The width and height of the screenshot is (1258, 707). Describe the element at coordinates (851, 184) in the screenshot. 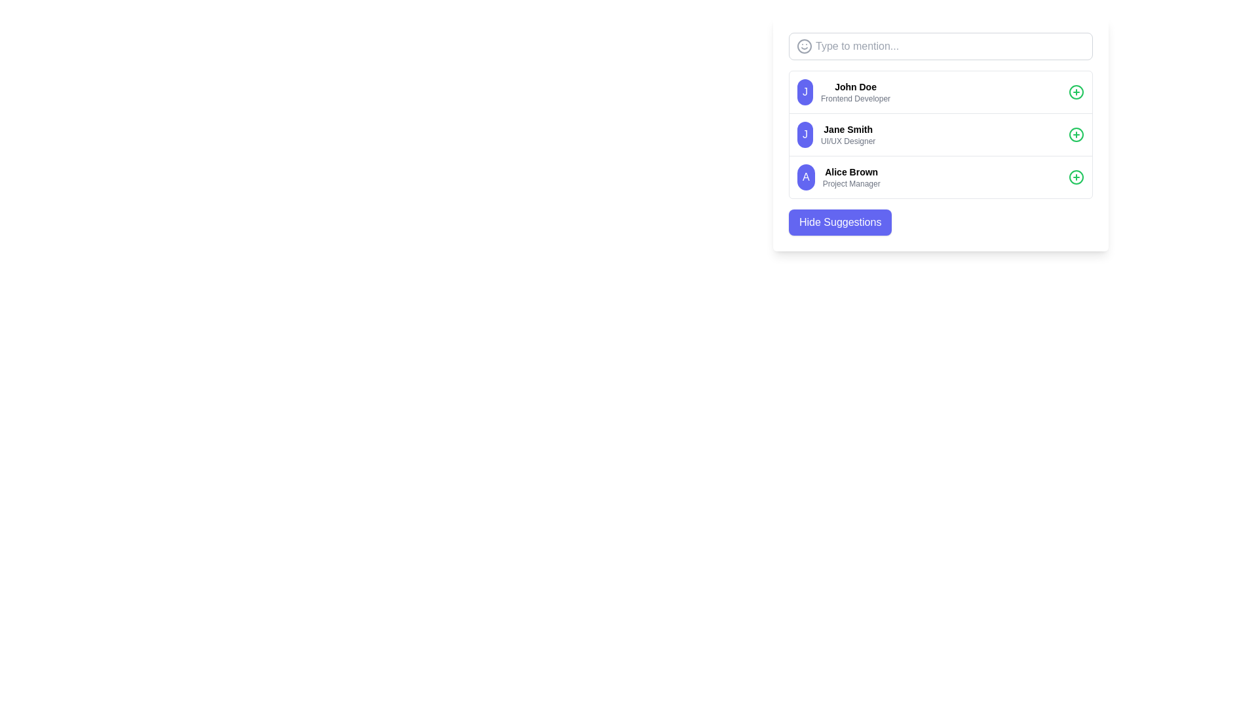

I see `the text label displaying 'Project Manager' which is located below 'Alice Brown' in the suggestion box` at that location.